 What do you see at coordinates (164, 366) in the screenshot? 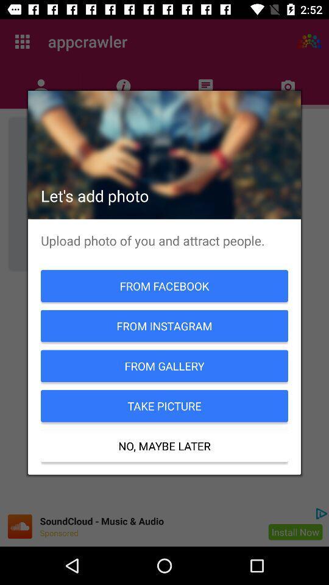
I see `the from gallery icon` at bounding box center [164, 366].